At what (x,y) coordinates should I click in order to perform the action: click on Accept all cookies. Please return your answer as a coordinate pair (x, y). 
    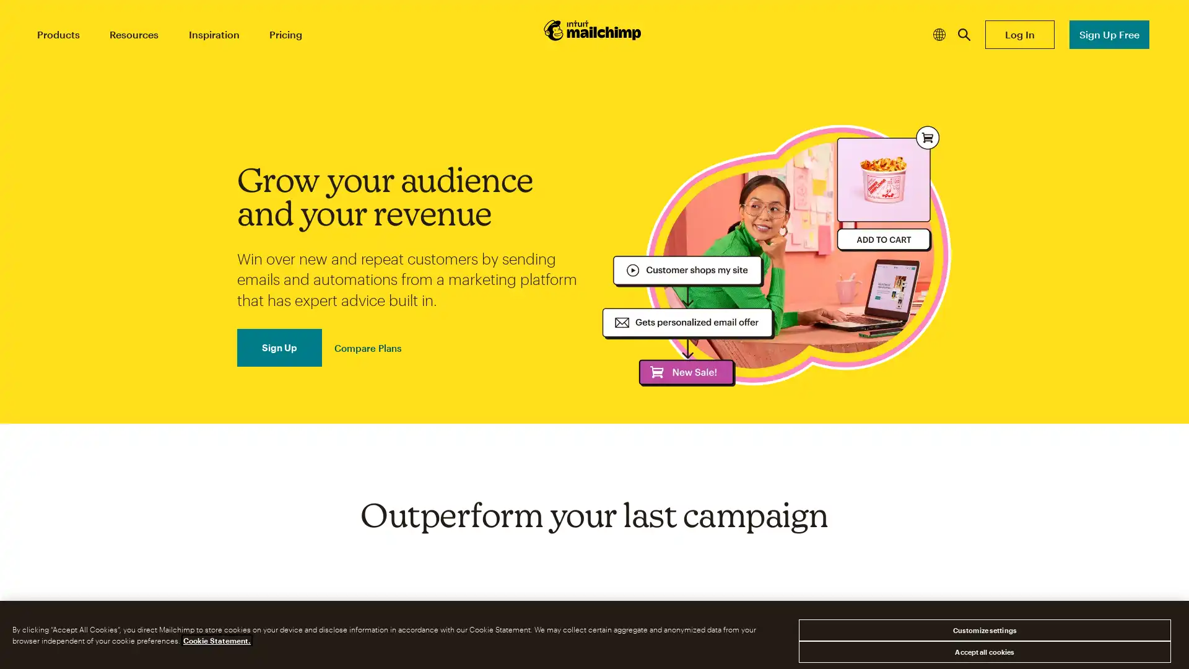
    Looking at the image, I should click on (983, 651).